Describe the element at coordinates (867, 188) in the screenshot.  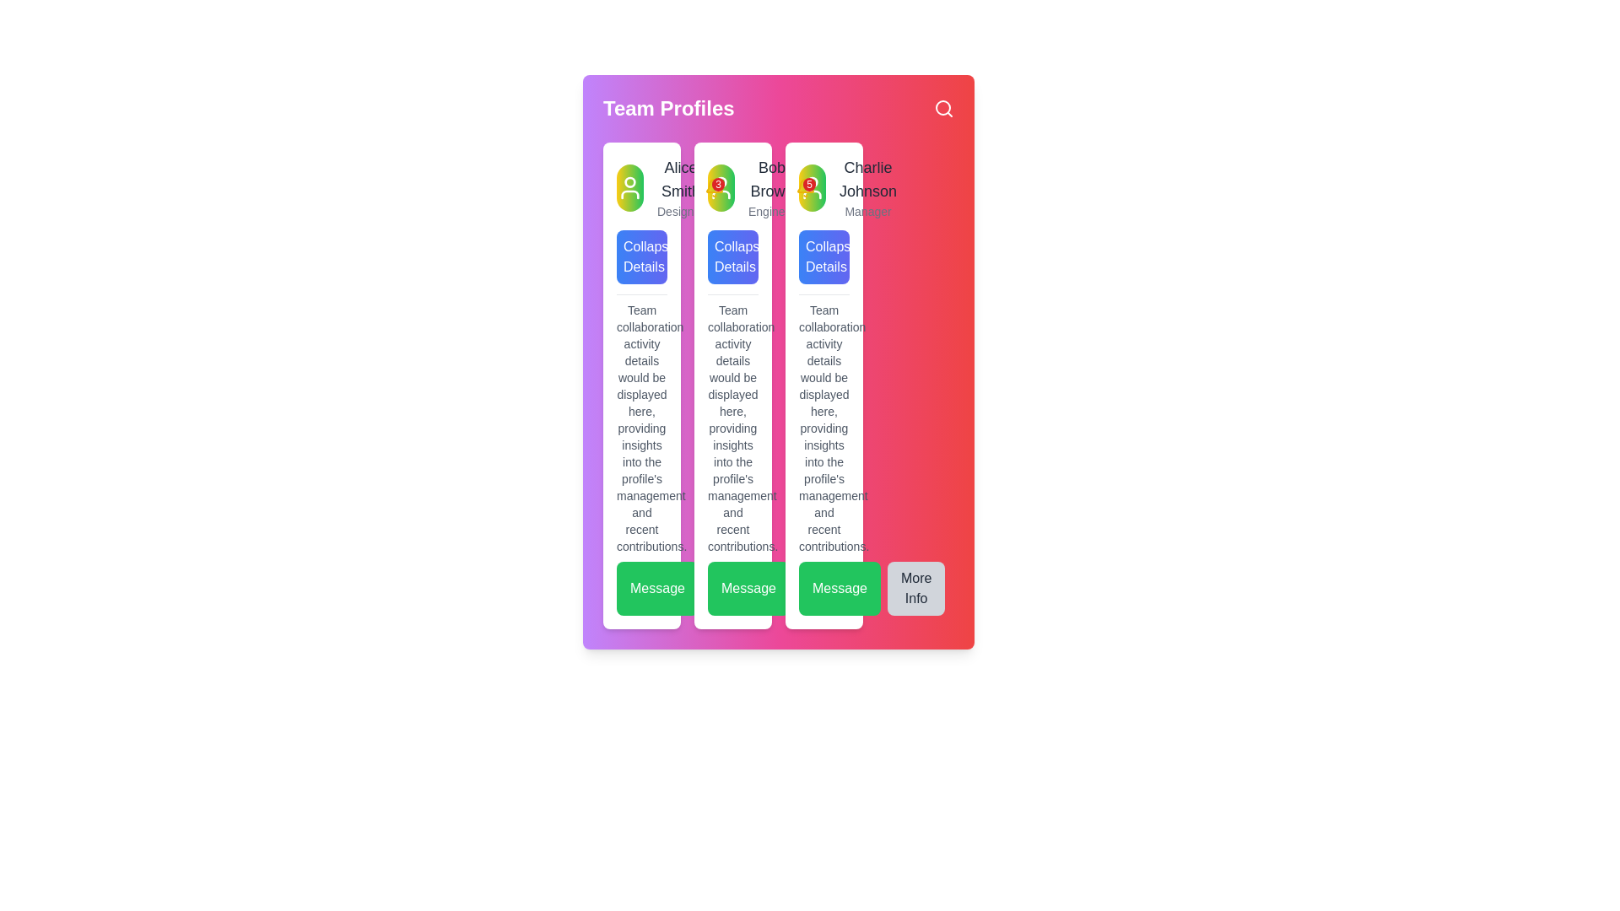
I see `the text display showing the name 'Charlie Johnson' and the title 'Manager' in the rightmost card of the 'Team Profiles' section` at that location.